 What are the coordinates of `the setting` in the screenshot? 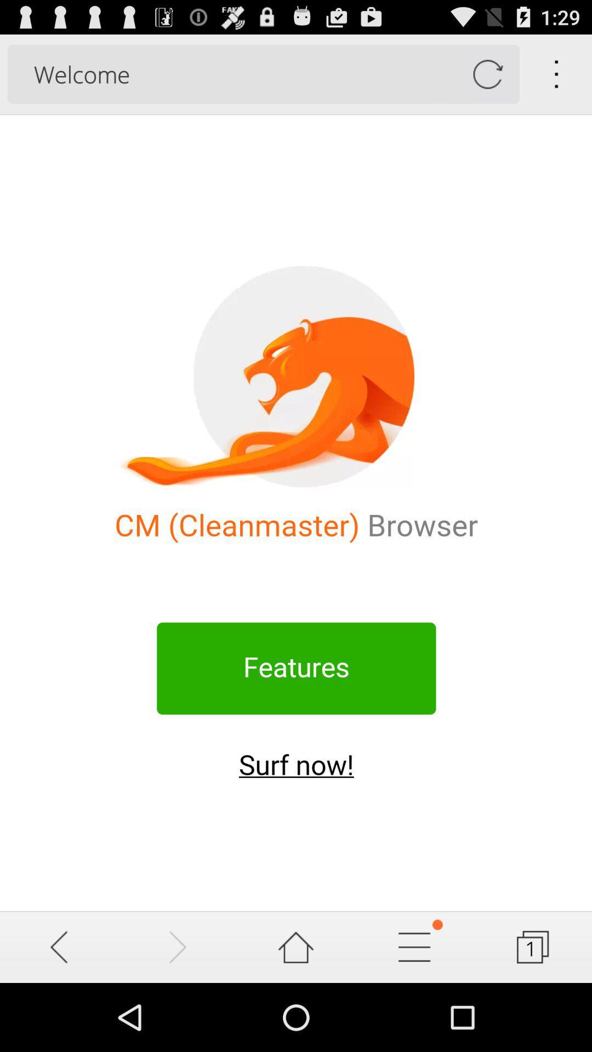 It's located at (414, 946).